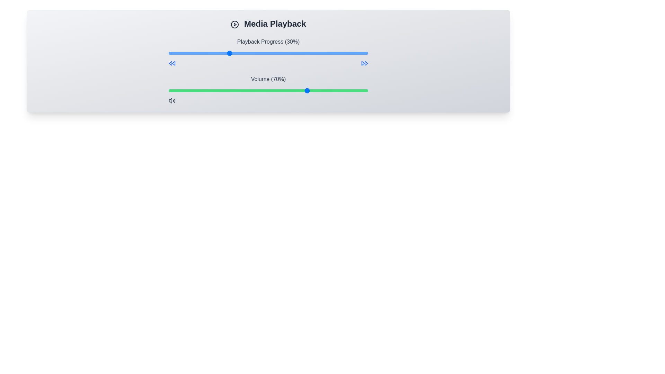 This screenshot has width=665, height=374. What do you see at coordinates (364, 63) in the screenshot?
I see `the fast-forward button to skip forward in the media playback` at bounding box center [364, 63].